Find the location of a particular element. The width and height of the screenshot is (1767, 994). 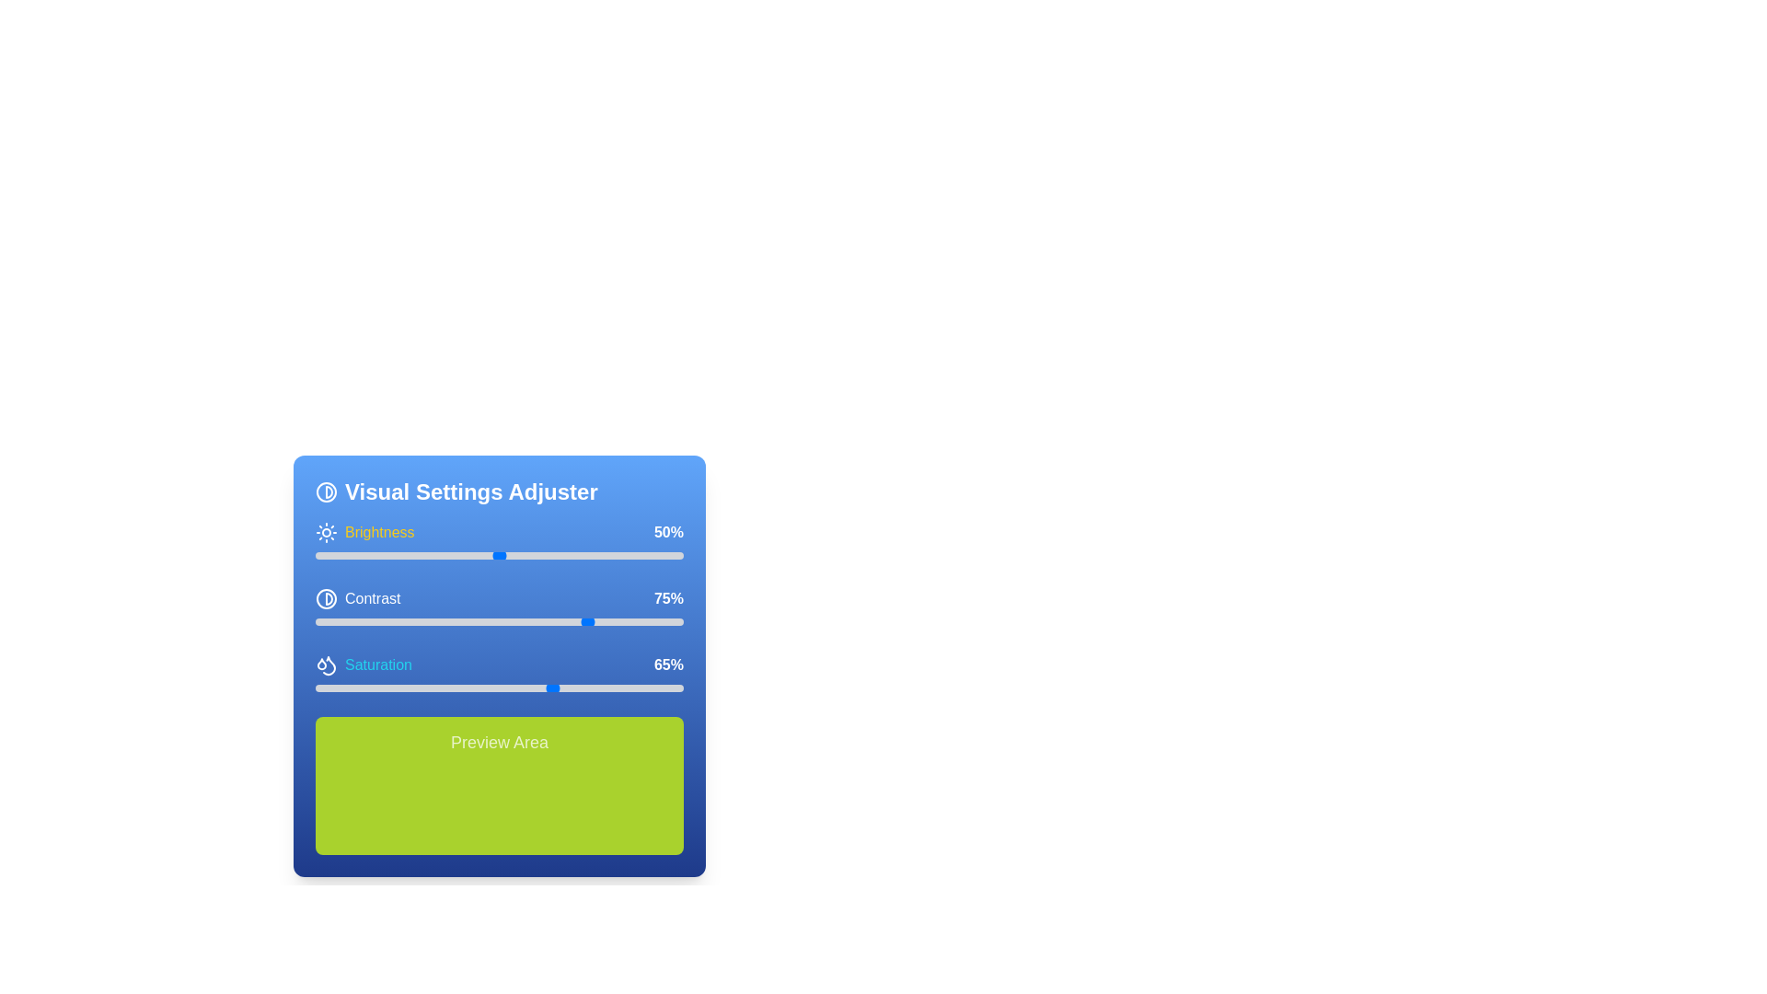

the sliders within the 'Brightness50% Contrast75% Saturation65%' text group to adjust the visual settings is located at coordinates (499, 610).